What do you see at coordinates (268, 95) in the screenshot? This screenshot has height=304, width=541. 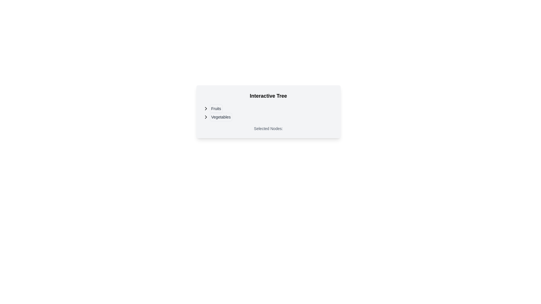 I see `the bold static text labeled 'Interactive Tree' at the top of the card, which is styled in a large serif font` at bounding box center [268, 95].